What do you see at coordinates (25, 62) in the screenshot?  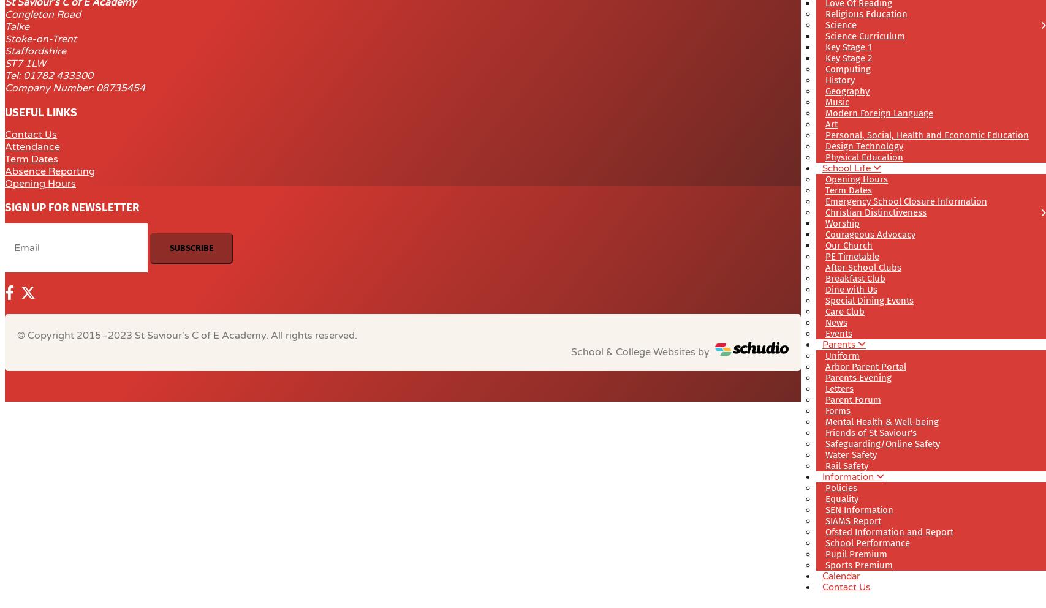 I see `'ST7 1LW'` at bounding box center [25, 62].